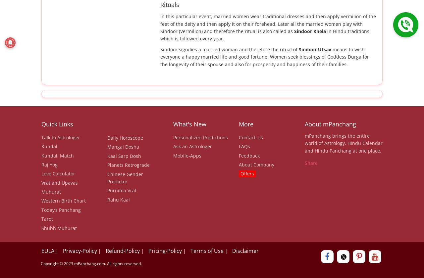  I want to click on 'Chinese Gender Predictor', so click(125, 177).